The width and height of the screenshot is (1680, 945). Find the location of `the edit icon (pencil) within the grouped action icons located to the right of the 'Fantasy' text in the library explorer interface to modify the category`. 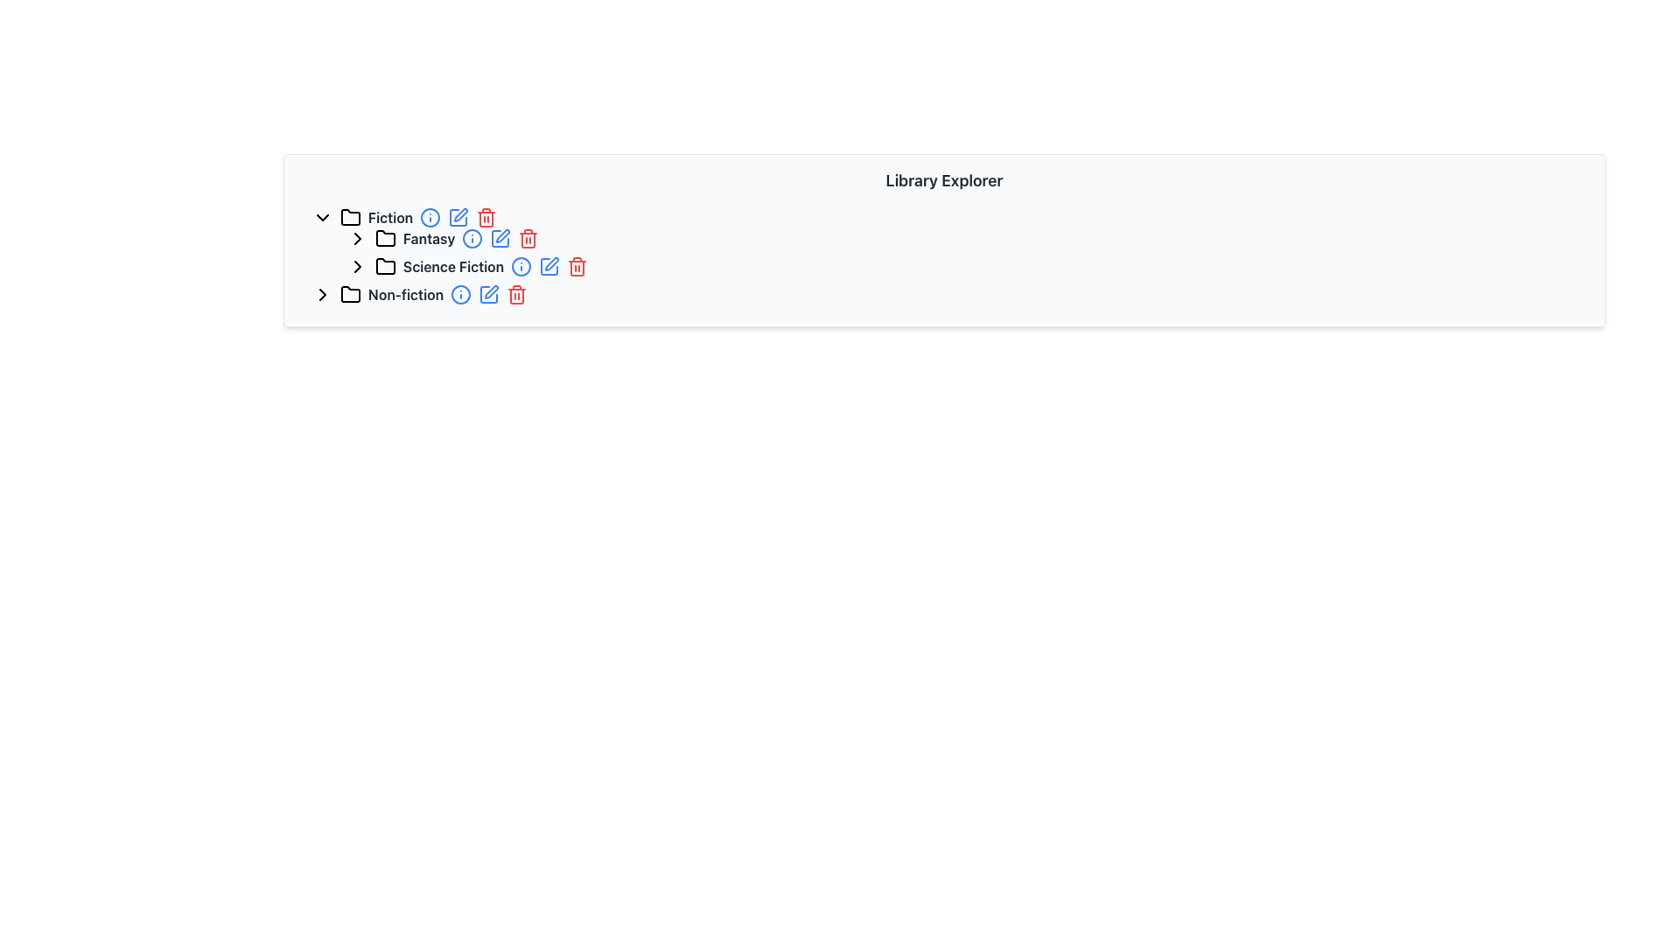

the edit icon (pencil) within the grouped action icons located to the right of the 'Fantasy' text in the library explorer interface to modify the category is located at coordinates (500, 239).